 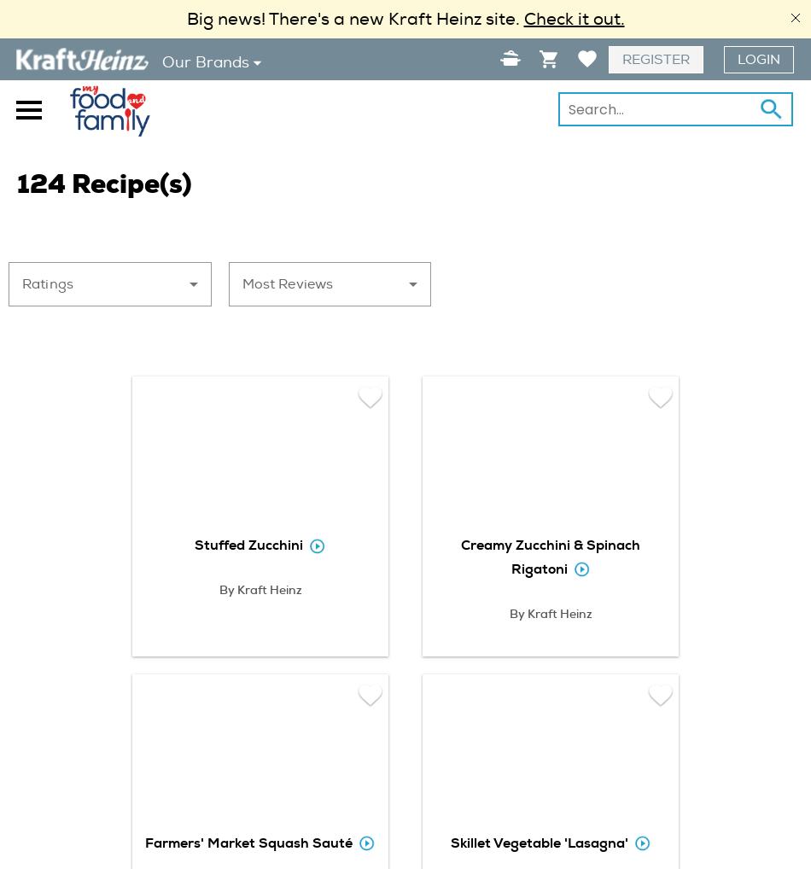 What do you see at coordinates (501, 18) in the screenshot?
I see `'site.'` at bounding box center [501, 18].